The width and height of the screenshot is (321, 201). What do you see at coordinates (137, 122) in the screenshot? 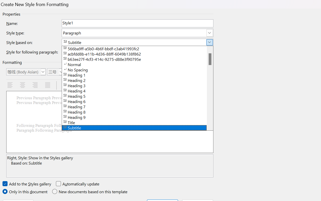
I see `'Title'` at bounding box center [137, 122].